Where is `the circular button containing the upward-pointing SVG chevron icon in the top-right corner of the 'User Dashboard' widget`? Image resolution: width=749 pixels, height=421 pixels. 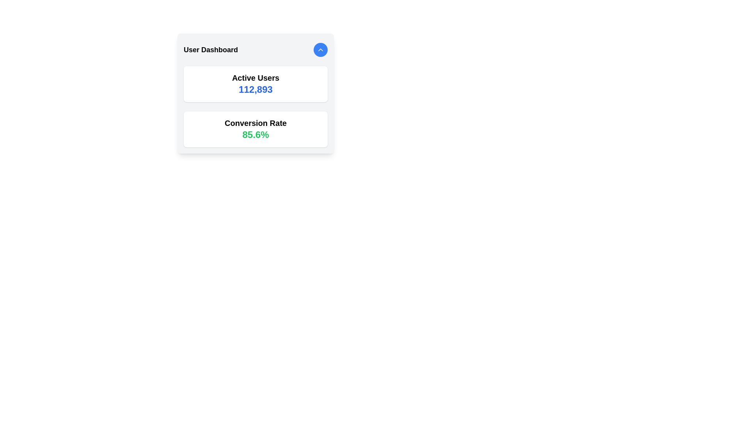
the circular button containing the upward-pointing SVG chevron icon in the top-right corner of the 'User Dashboard' widget is located at coordinates (320, 50).